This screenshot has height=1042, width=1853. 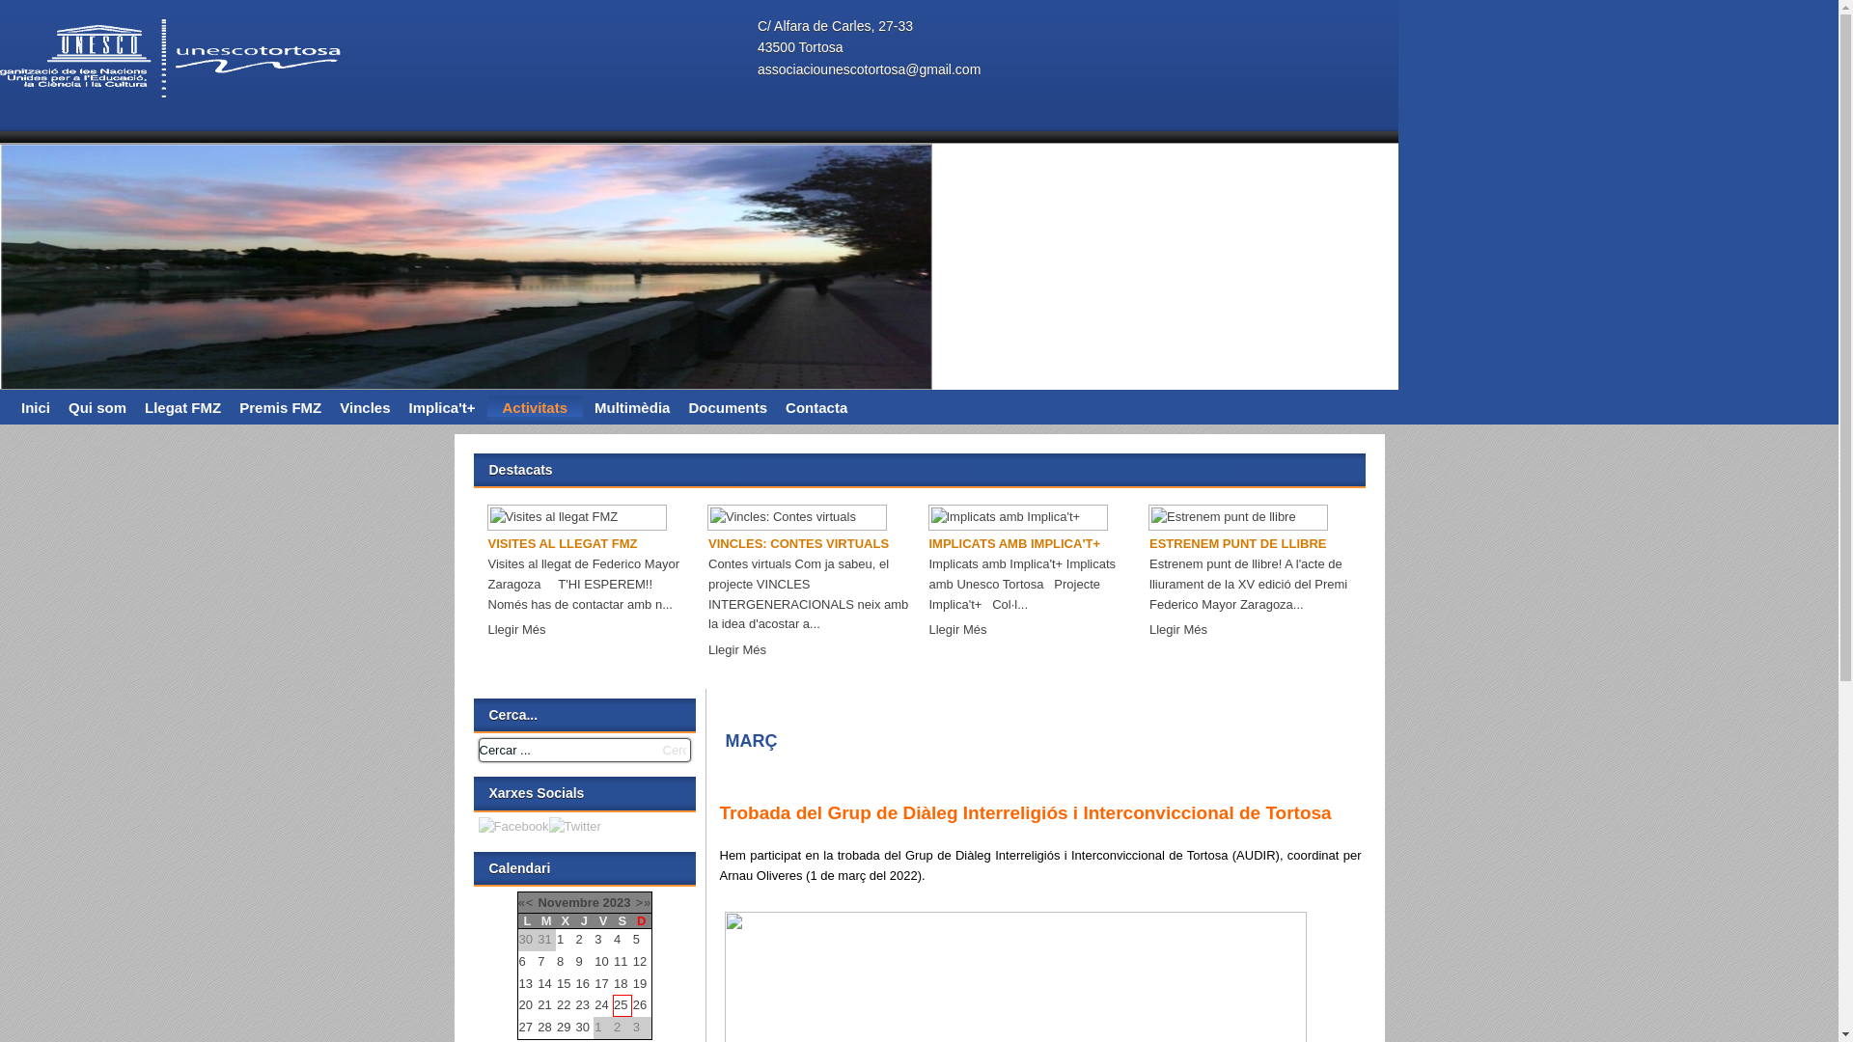 I want to click on 'Documents', so click(x=726, y=407).